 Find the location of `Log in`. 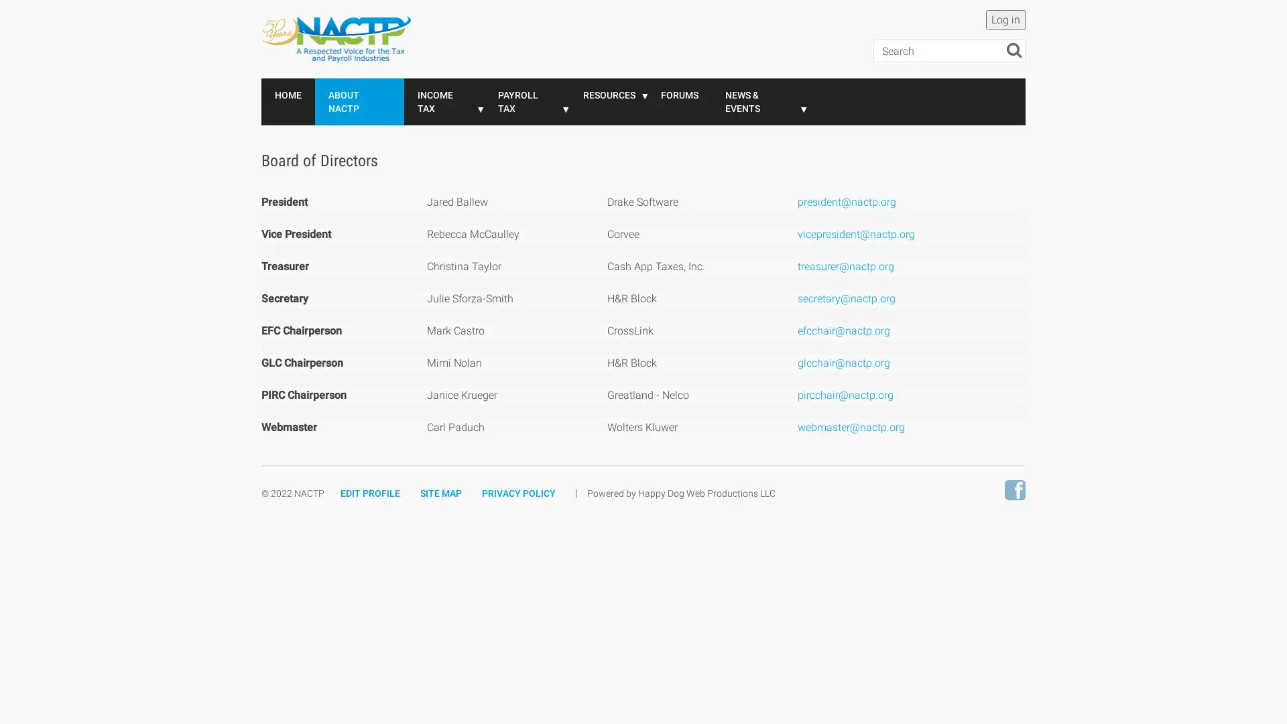

Log in is located at coordinates (1005, 20).